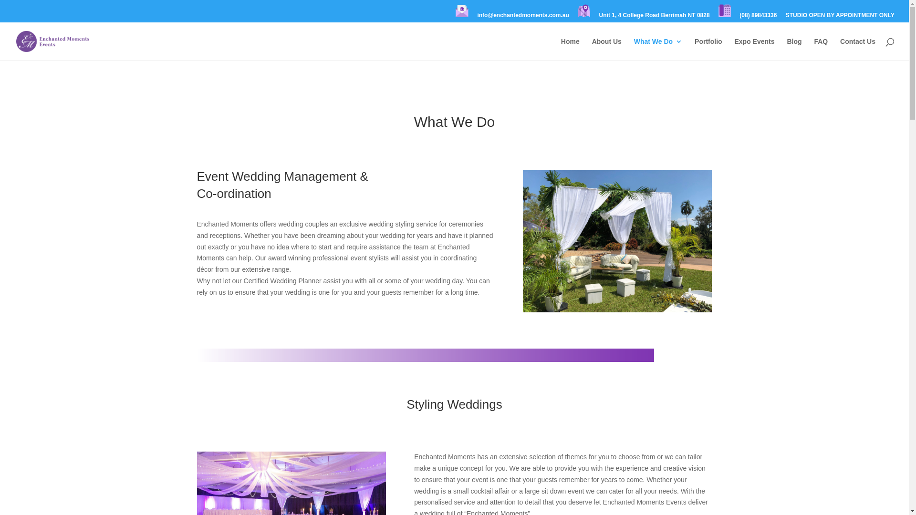 Image resolution: width=916 pixels, height=515 pixels. I want to click on 'Blog', so click(787, 49).